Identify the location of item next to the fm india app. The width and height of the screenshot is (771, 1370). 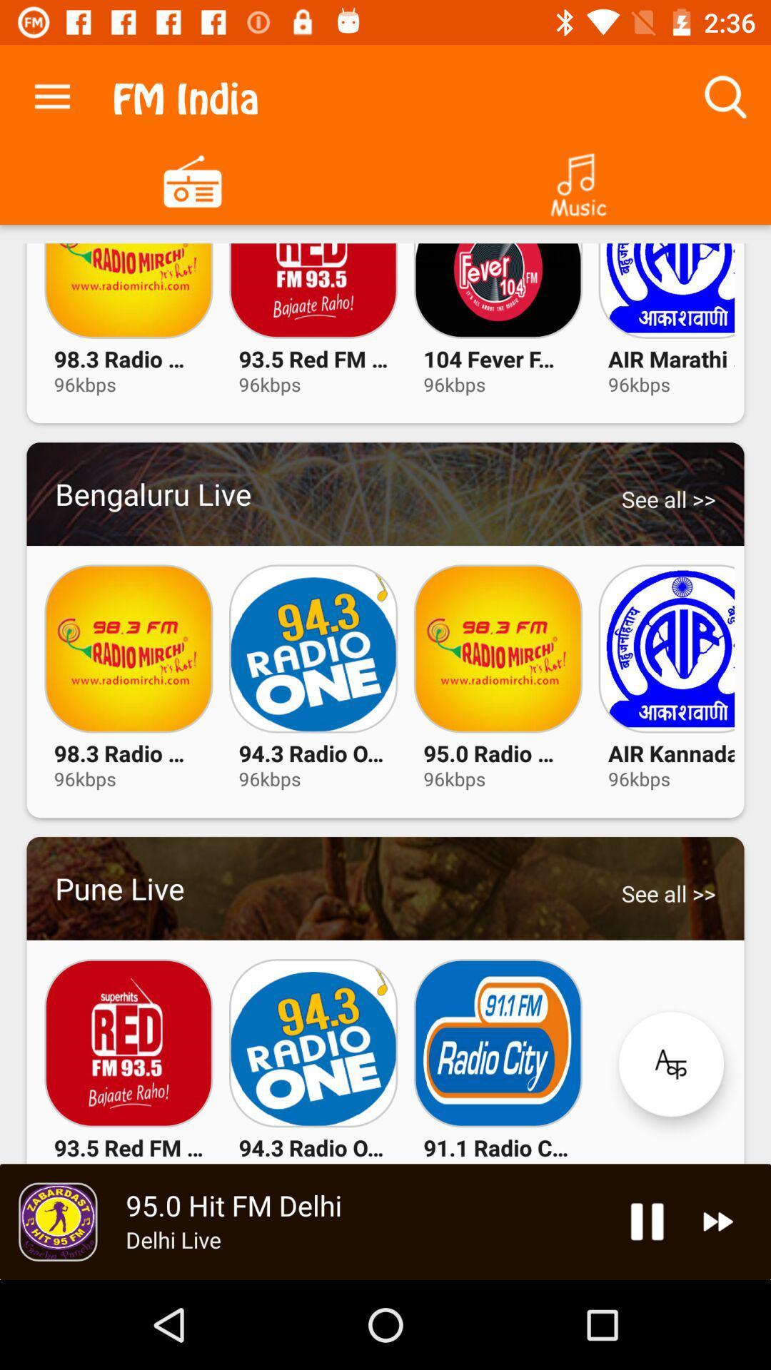
(51, 93).